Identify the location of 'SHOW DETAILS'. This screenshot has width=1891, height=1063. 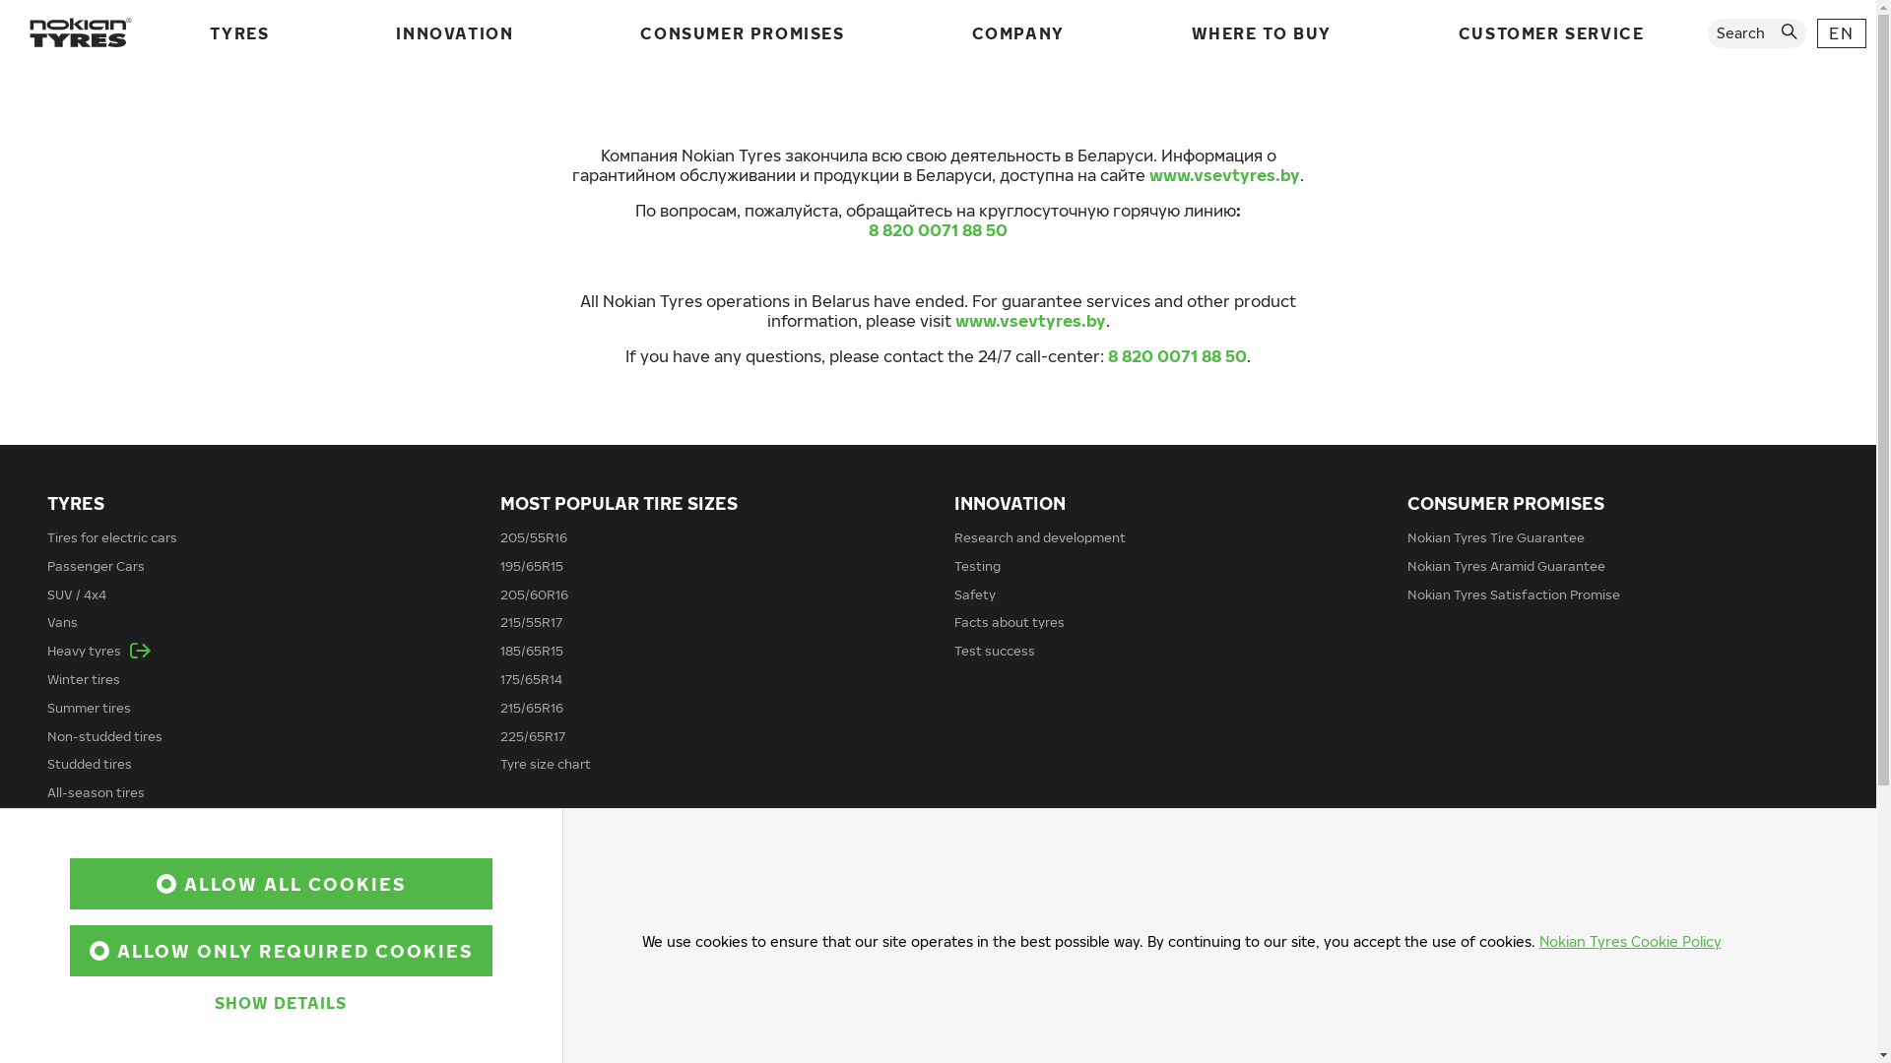
(279, 1002).